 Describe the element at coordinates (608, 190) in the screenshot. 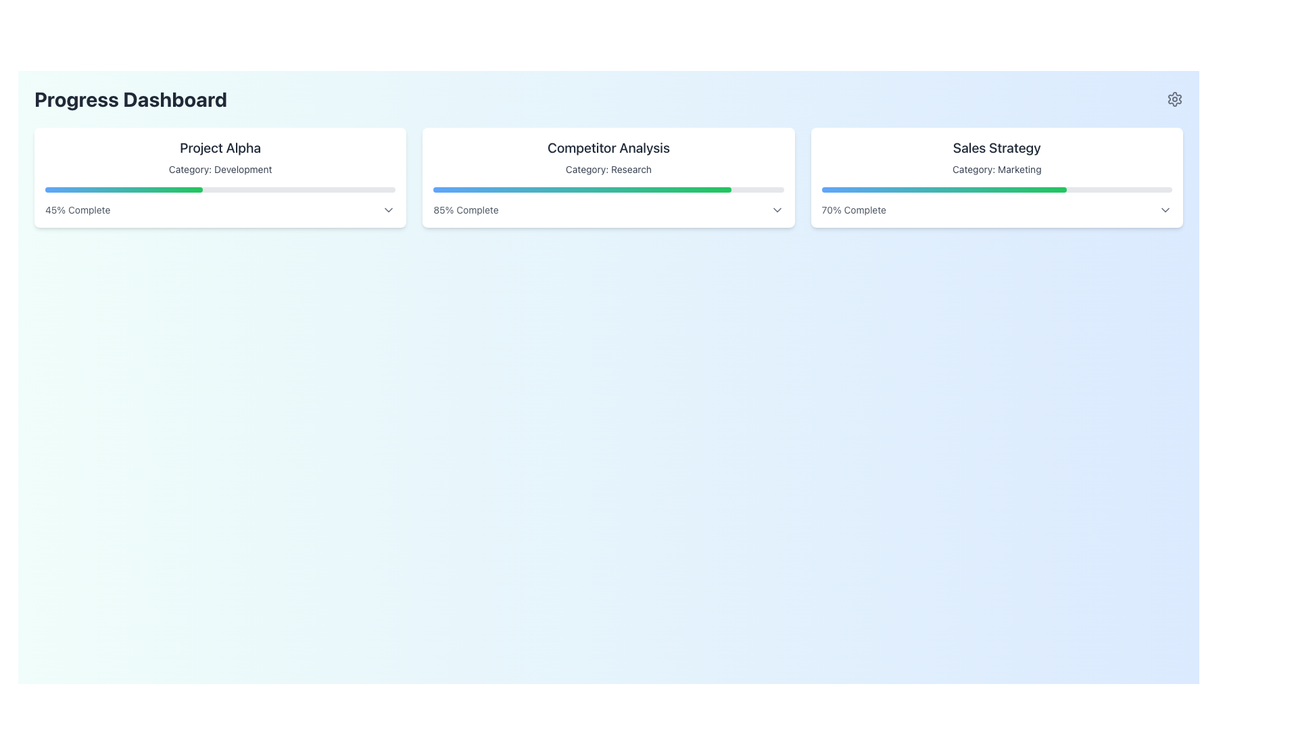

I see `the progress visually on the progress bar located in the 'Competitor Analysis' card, which indicates 85% completion` at that location.